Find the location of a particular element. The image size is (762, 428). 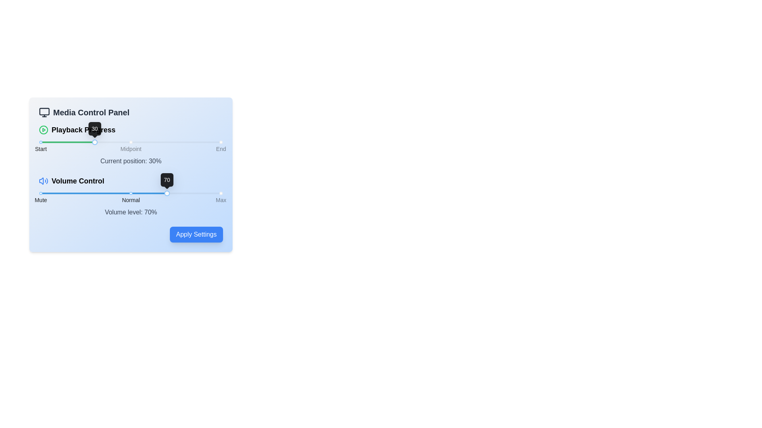

the slider is located at coordinates (192, 193).